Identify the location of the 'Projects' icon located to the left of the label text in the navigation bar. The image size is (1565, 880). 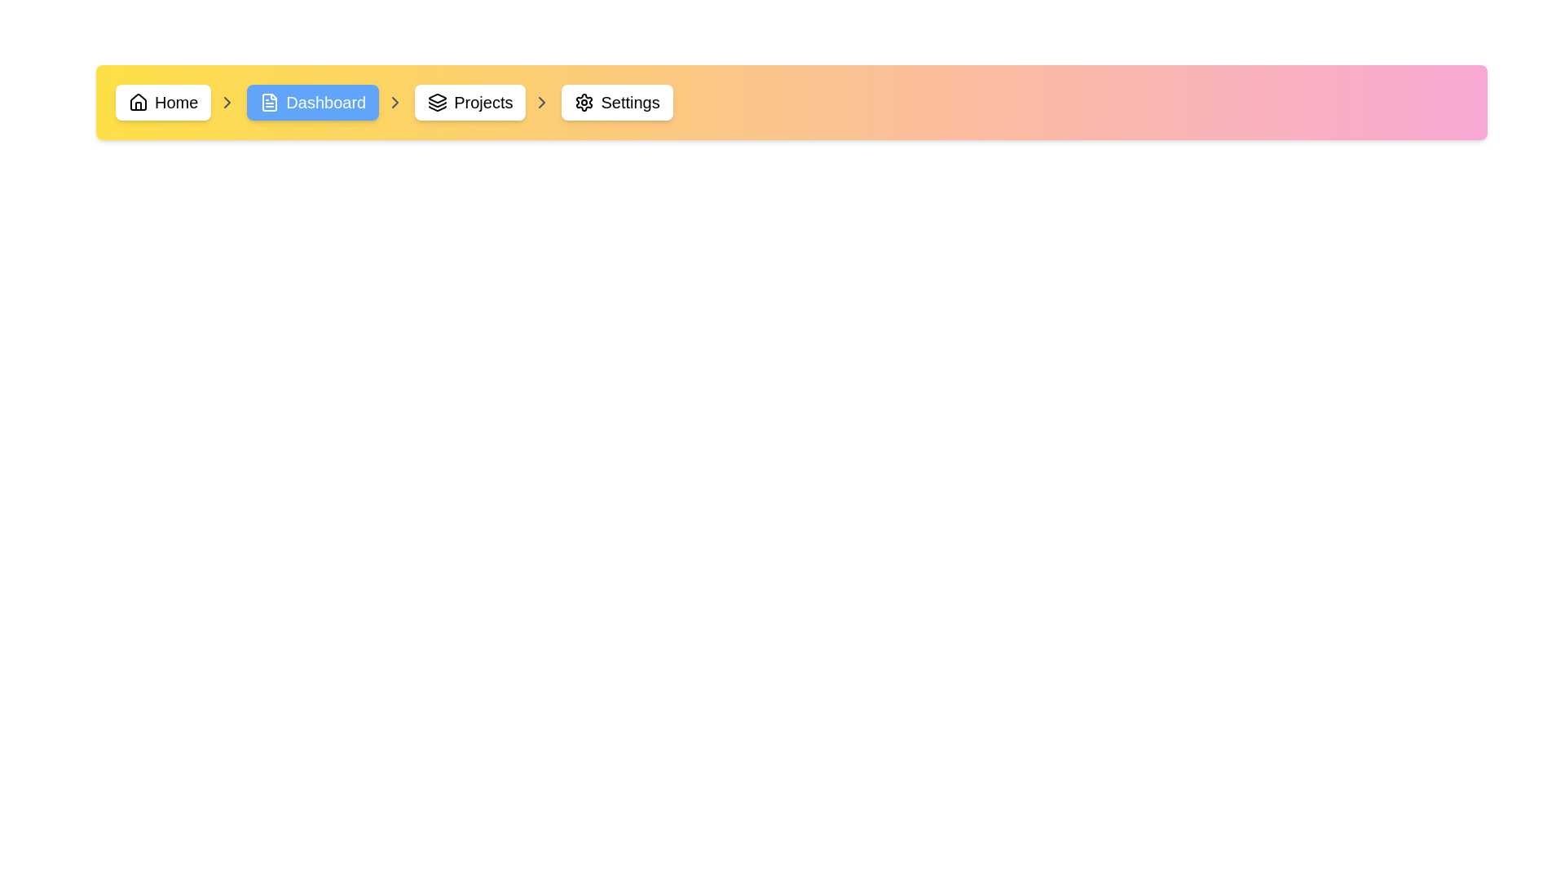
(438, 103).